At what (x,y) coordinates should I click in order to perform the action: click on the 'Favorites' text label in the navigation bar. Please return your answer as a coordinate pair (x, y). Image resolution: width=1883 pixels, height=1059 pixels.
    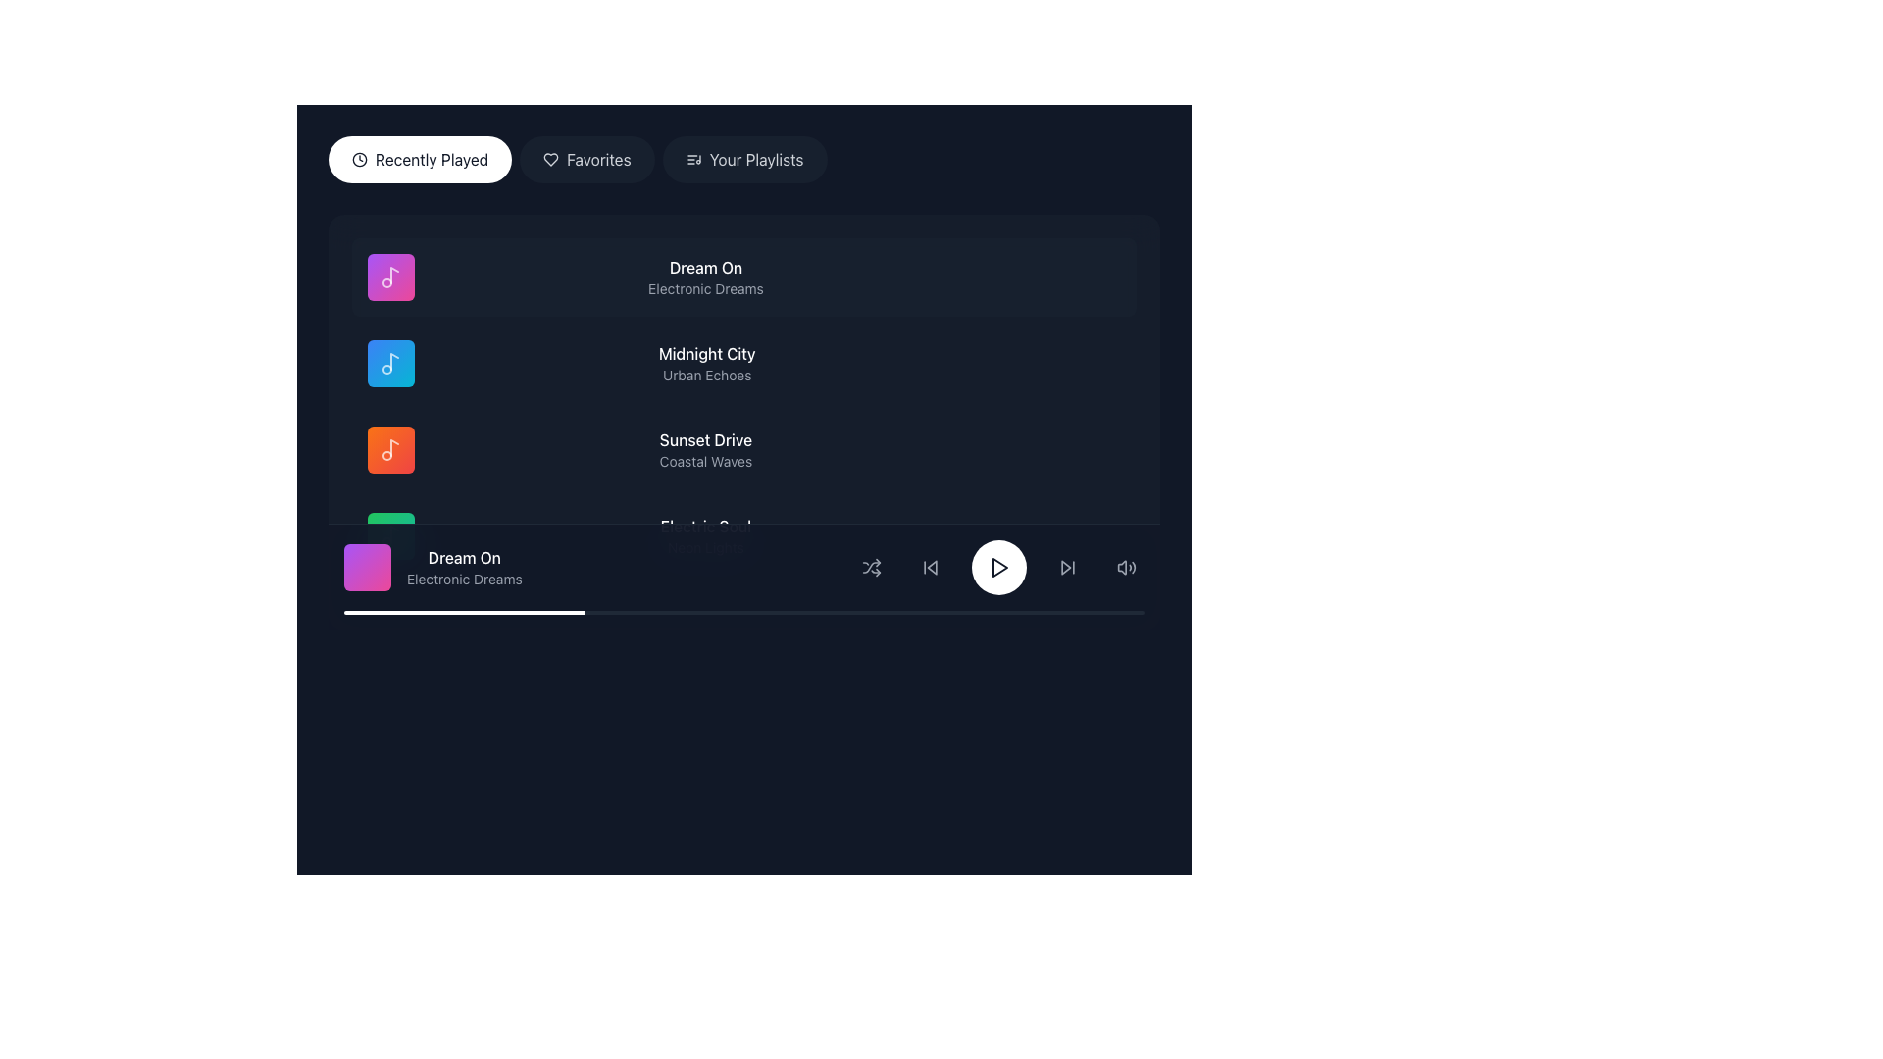
    Looking at the image, I should click on (597, 158).